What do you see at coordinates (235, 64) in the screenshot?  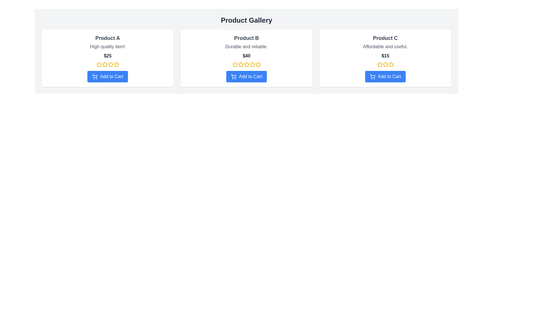 I see `the first yellow star icon in the five-star rating component of 'Product B' to rate it` at bounding box center [235, 64].